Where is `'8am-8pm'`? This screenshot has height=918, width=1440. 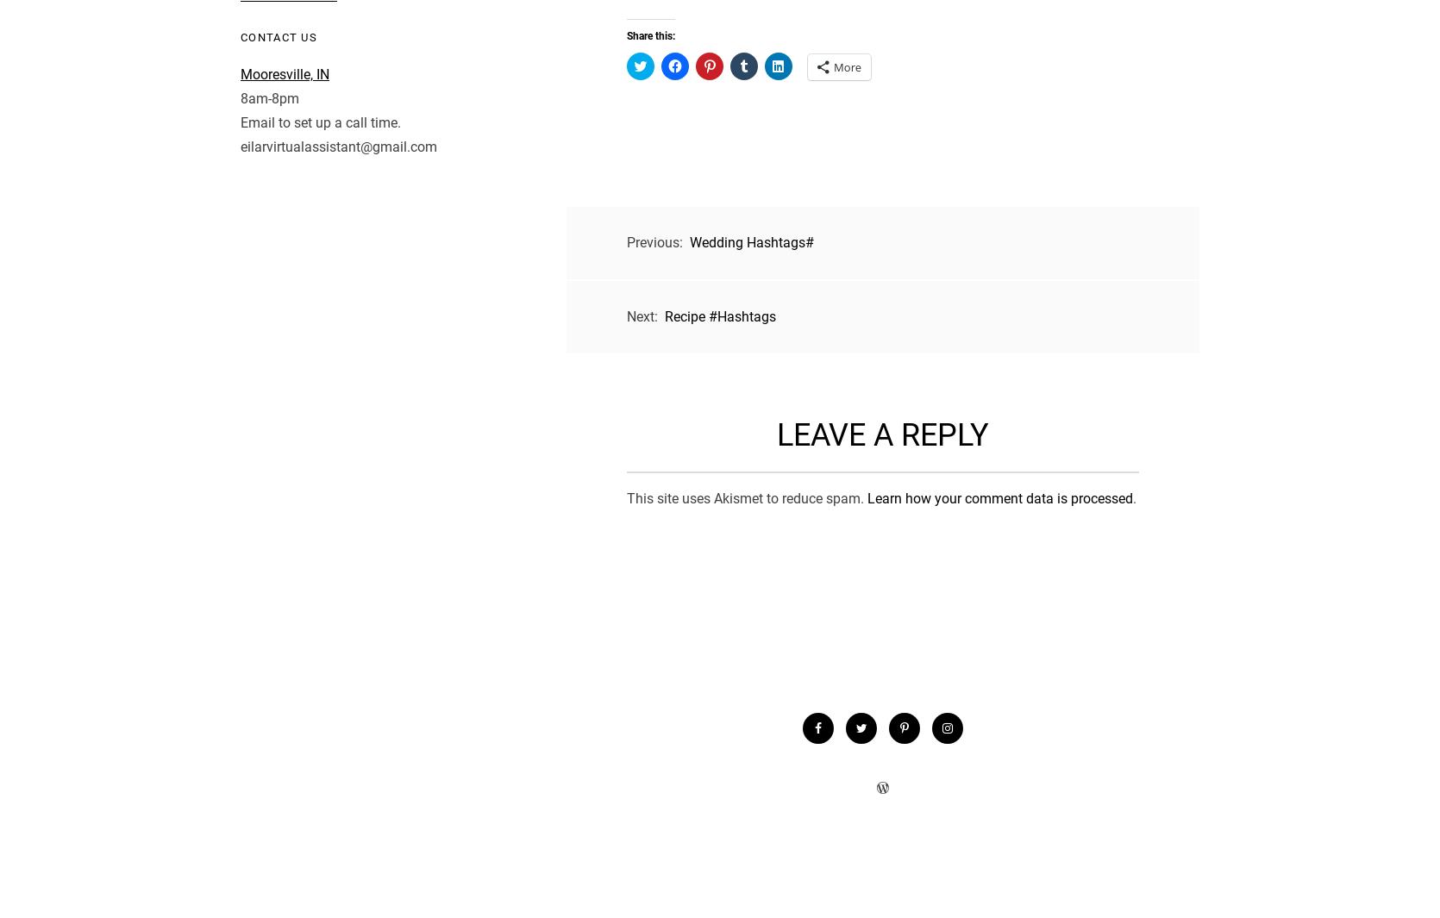
'8am-8pm' is located at coordinates (268, 97).